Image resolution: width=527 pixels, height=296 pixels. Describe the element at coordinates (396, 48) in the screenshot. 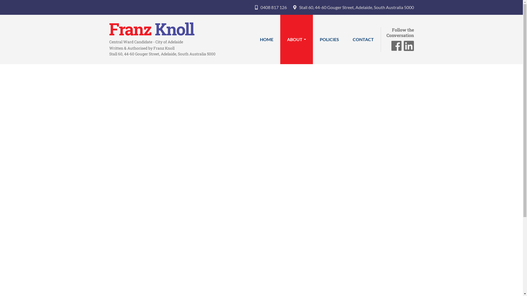

I see `'Follow Franz on Facebook	'` at that location.